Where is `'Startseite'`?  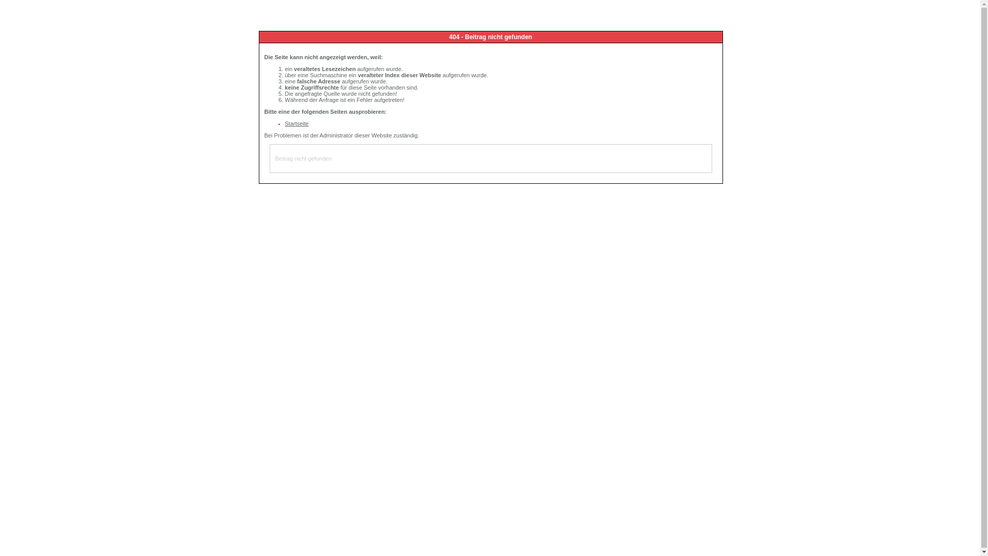 'Startseite' is located at coordinates (296, 123).